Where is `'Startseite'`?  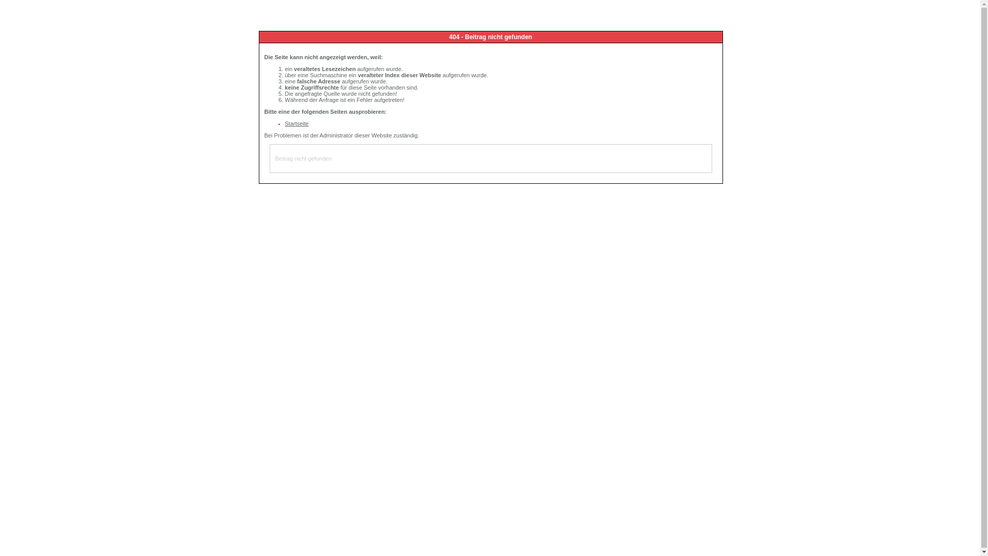 'Startseite' is located at coordinates (296, 123).